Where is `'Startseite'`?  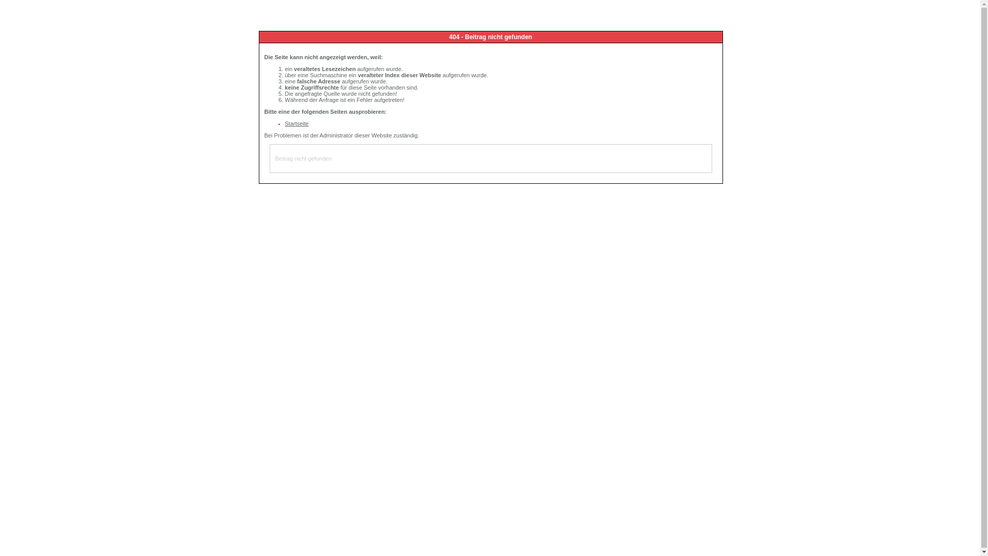 'Startseite' is located at coordinates (296, 123).